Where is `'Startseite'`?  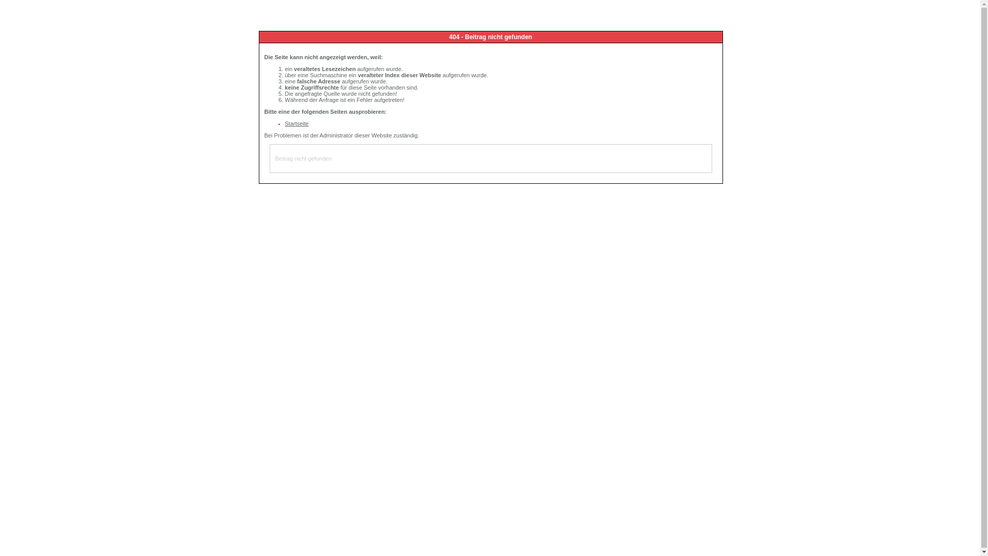 'Startseite' is located at coordinates (296, 123).